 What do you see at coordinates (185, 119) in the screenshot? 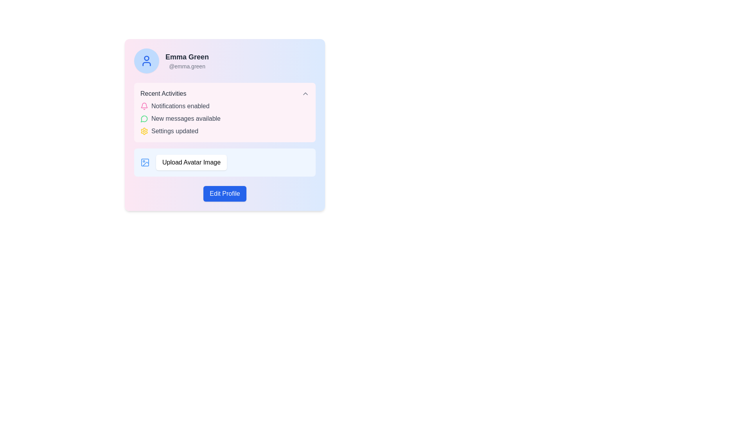
I see `the Text Label that notifies the user about new messages, which is centered horizontally in the notification banner under 'Recent Activities' and positioned to the right of a green icon` at bounding box center [185, 119].